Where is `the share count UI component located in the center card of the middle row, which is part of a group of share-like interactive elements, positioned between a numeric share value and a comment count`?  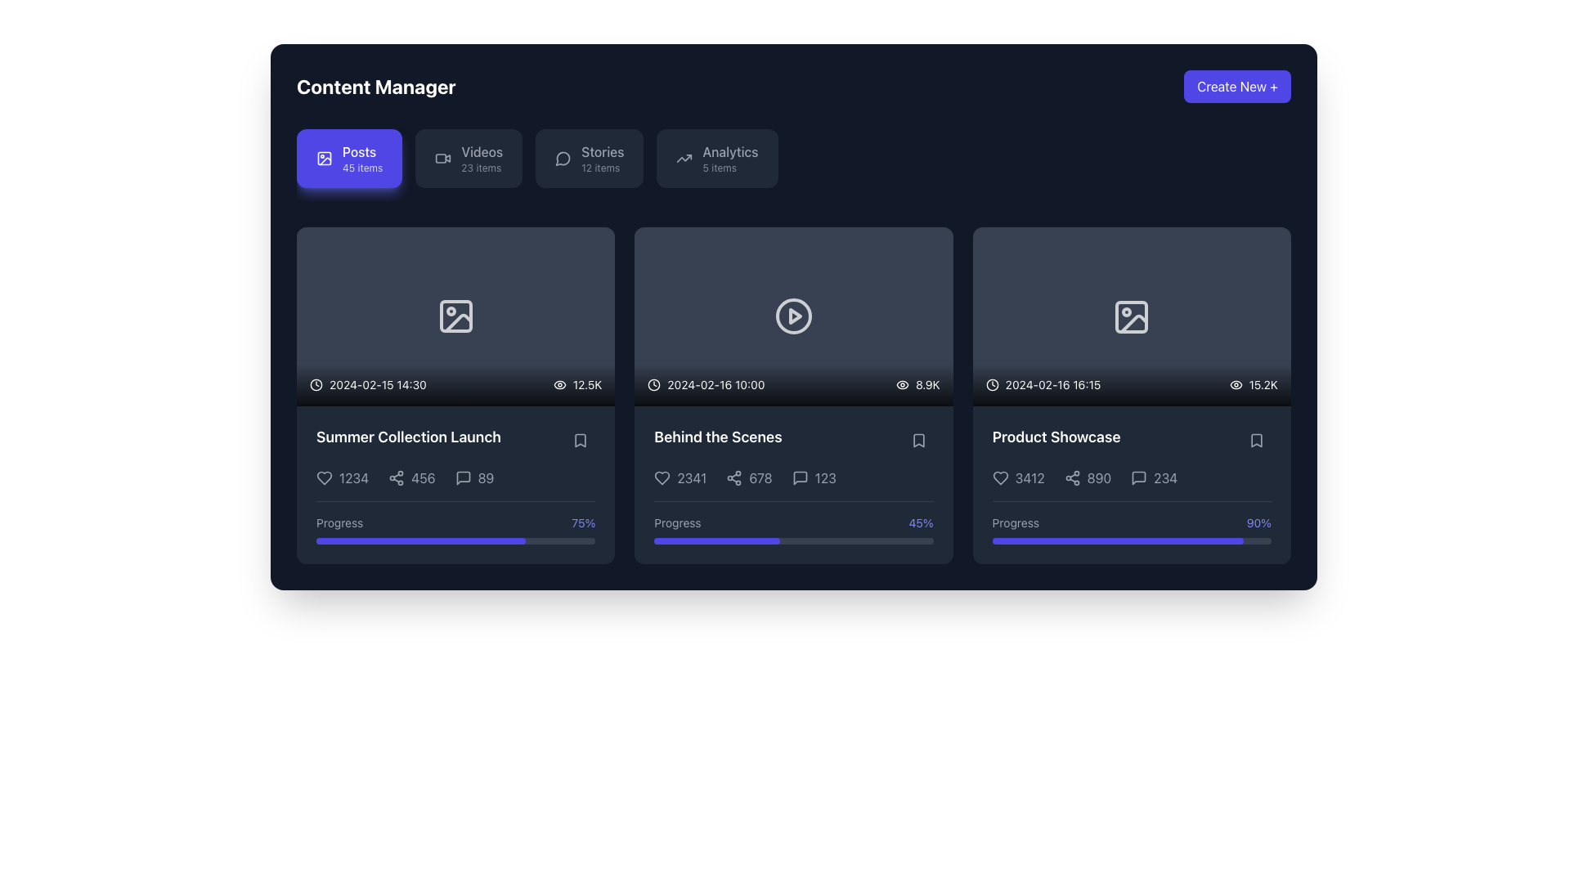 the share count UI component located in the center card of the middle row, which is part of a group of share-like interactive elements, positioned between a numeric share value and a comment count is located at coordinates (748, 477).